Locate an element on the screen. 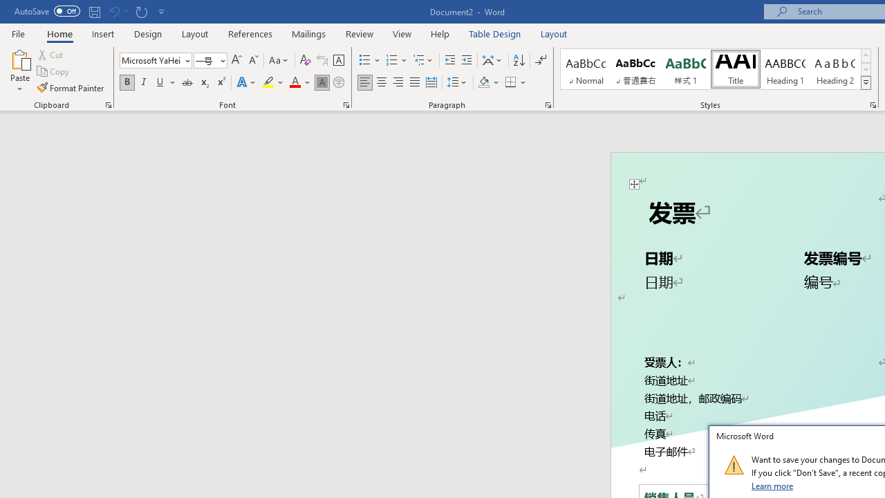 This screenshot has height=498, width=885. 'Change Case' is located at coordinates (279, 59).